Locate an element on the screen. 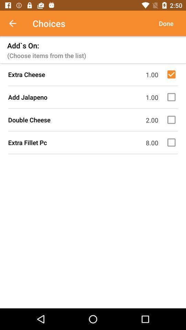 Image resolution: width=186 pixels, height=330 pixels. item to the left of the choices icon is located at coordinates (16, 23).